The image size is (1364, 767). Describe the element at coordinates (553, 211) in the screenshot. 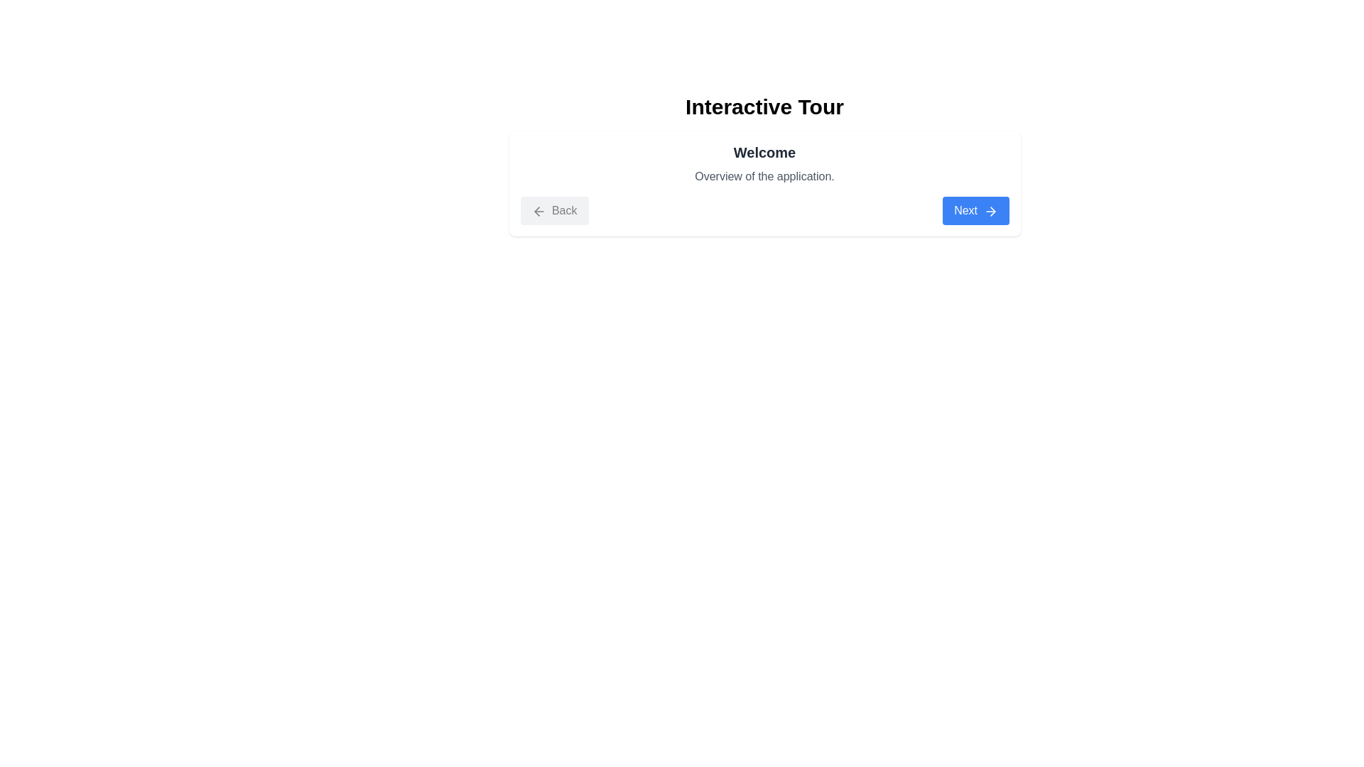

I see `the 'Back' button which features a leftward arrow icon and a gray background, located to the left of the 'Next' button near the top center of the interface` at that location.